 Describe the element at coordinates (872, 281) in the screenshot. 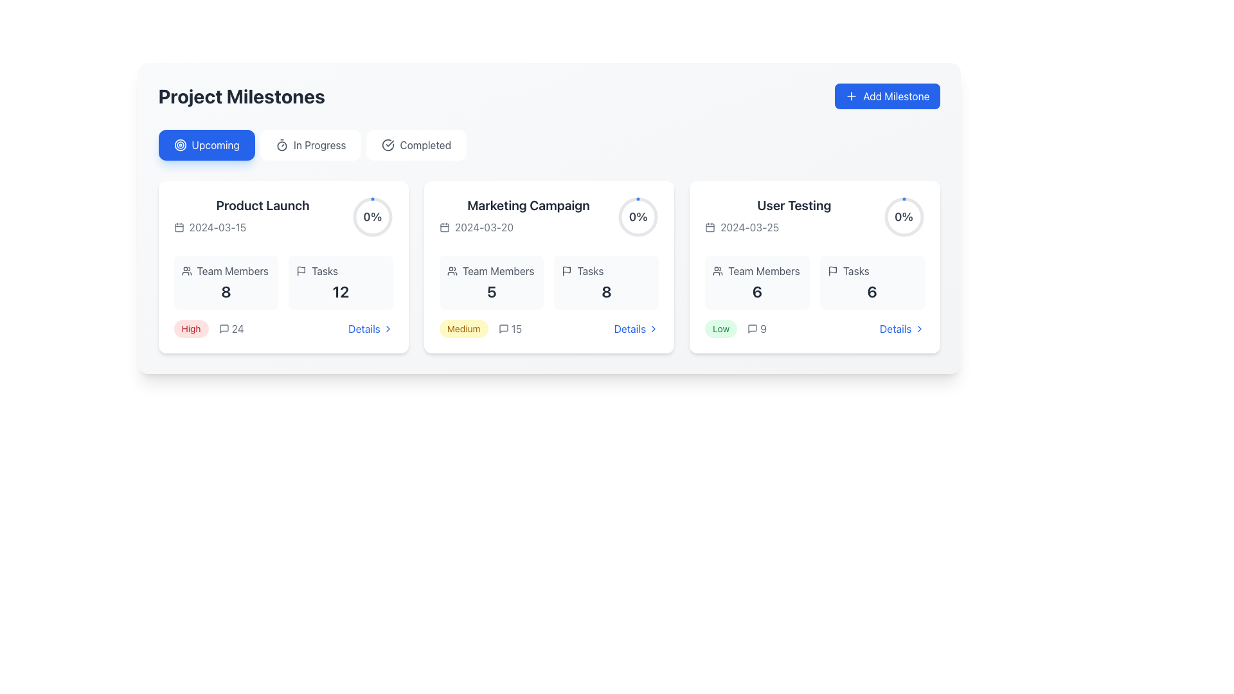

I see `the informational display element that shows the text 'Tasks' with a flag icon and the number 6 beneath it, located in the bottom-right section of the 'User Testing' card` at that location.